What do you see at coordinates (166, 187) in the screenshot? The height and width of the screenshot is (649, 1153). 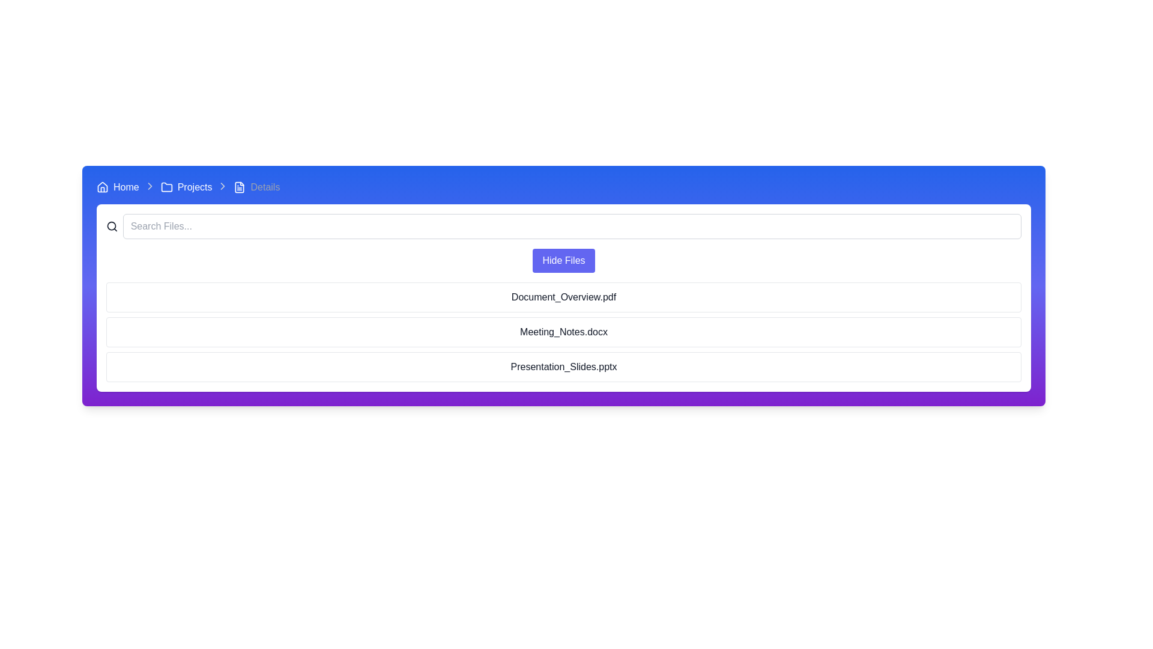 I see `the folder icon in the navigation breadcrumb, located before the text label 'Projects'` at bounding box center [166, 187].